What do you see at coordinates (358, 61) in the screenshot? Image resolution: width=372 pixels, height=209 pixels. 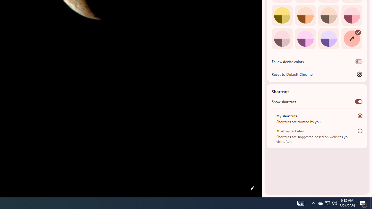 I see `'Follow device colors'` at bounding box center [358, 61].